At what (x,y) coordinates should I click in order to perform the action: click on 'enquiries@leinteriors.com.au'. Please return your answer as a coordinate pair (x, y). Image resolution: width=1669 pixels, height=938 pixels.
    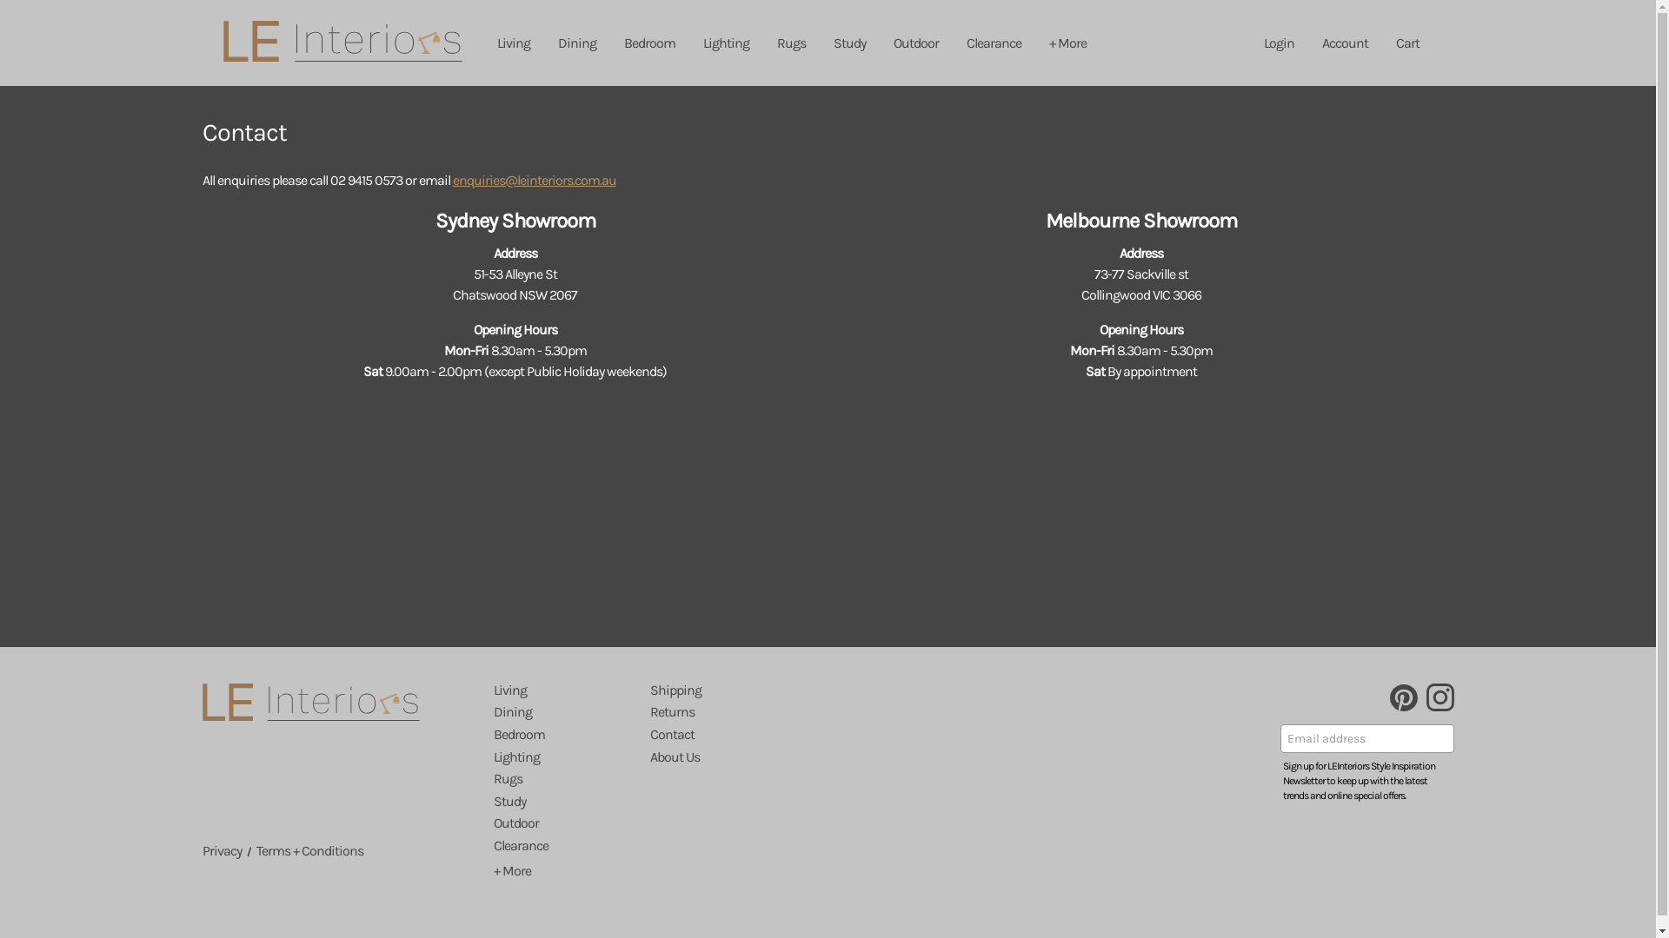
    Looking at the image, I should click on (533, 180).